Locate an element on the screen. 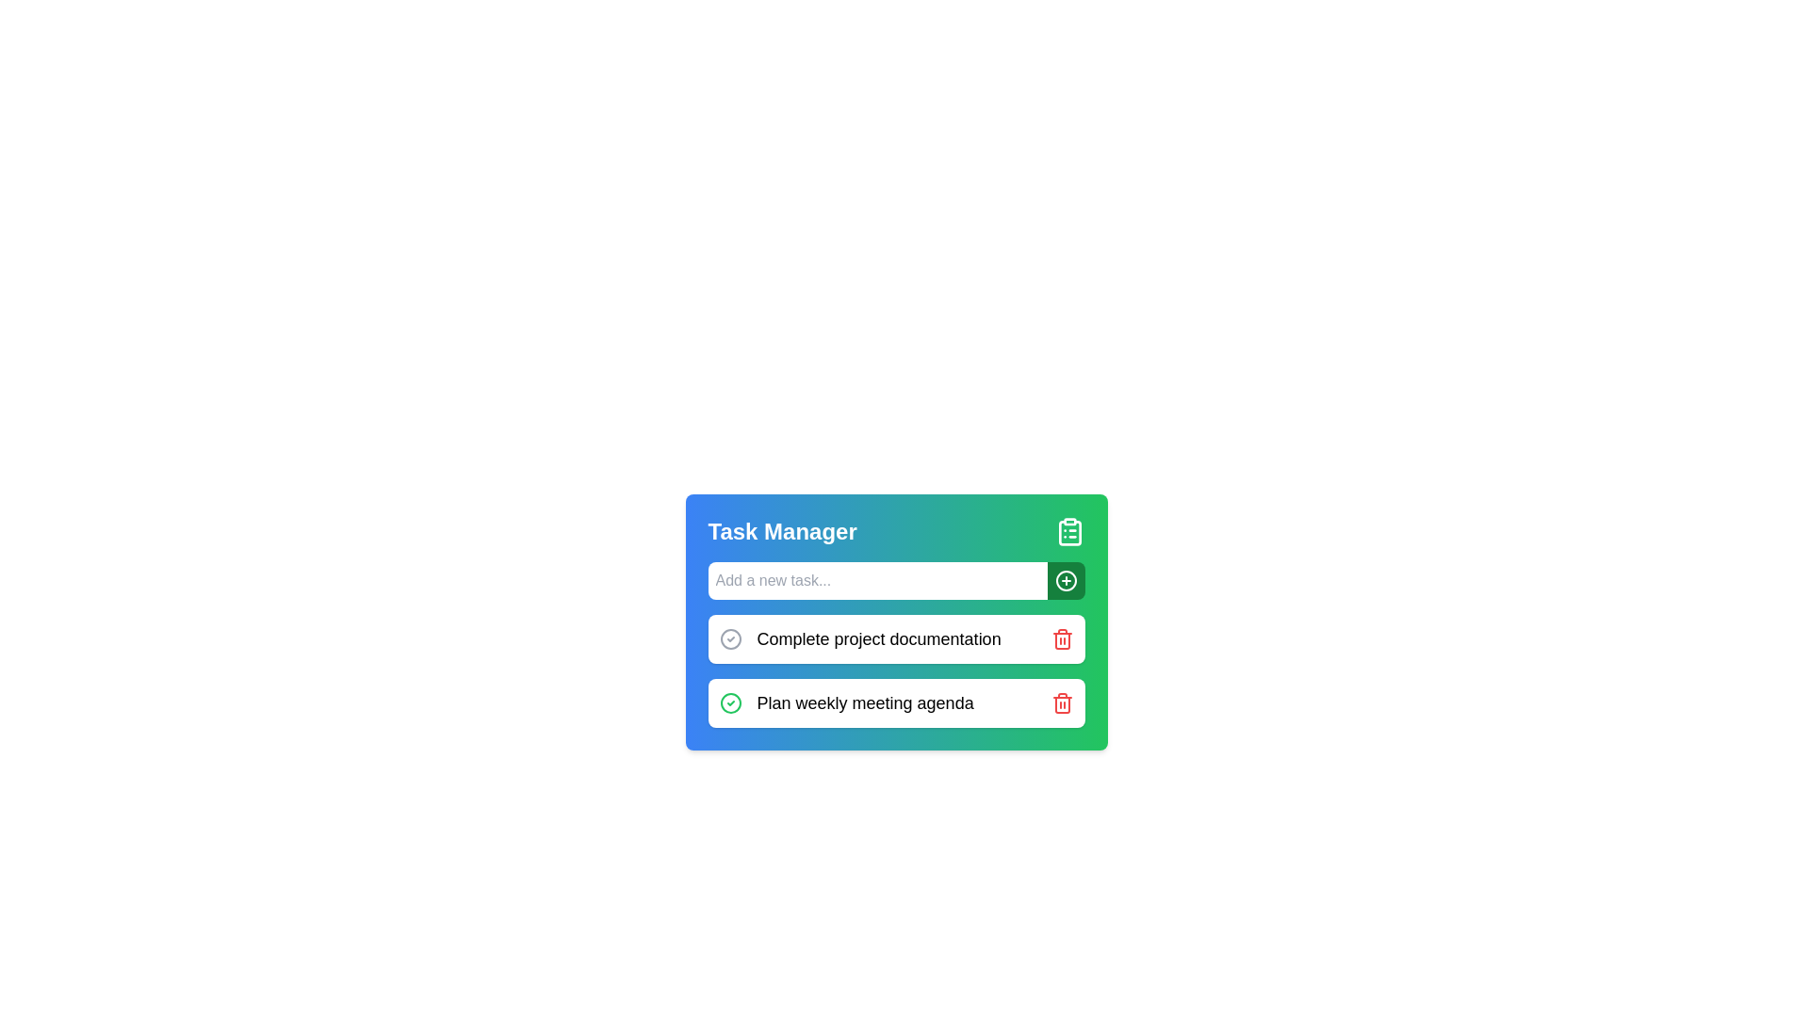 The height and width of the screenshot is (1017, 1809). the Text Label that displays the name or description of a task in the task management application, located as the primary content of a task item next to a circular icon and a delete button is located at coordinates (878, 638).